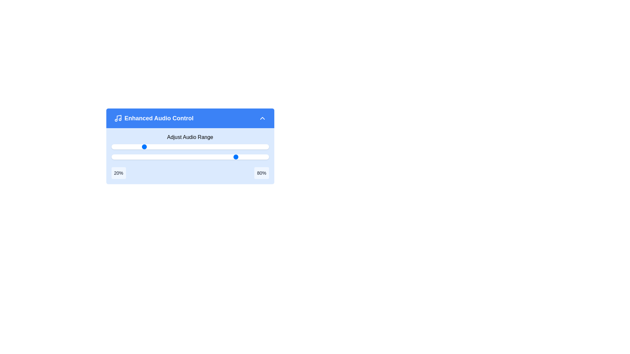  Describe the element at coordinates (190, 118) in the screenshot. I see `the header bar with toggle control that has a blue background and displays 'Enhanced Audio Control'` at that location.